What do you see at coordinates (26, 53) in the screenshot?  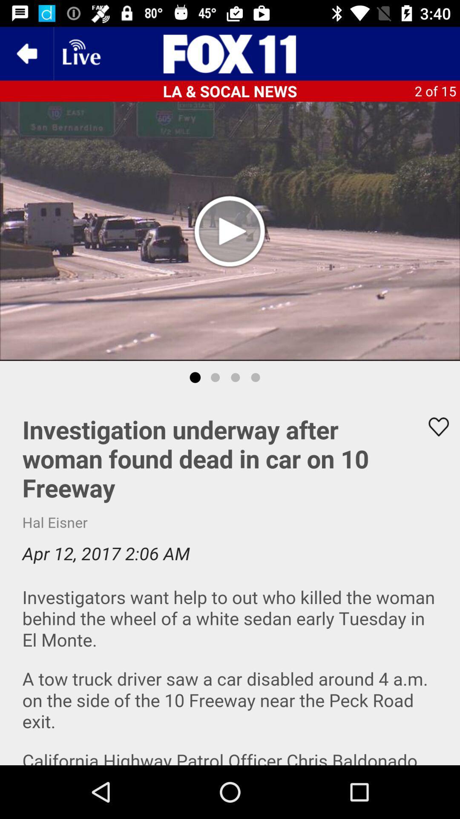 I see `the arrow_backward icon` at bounding box center [26, 53].